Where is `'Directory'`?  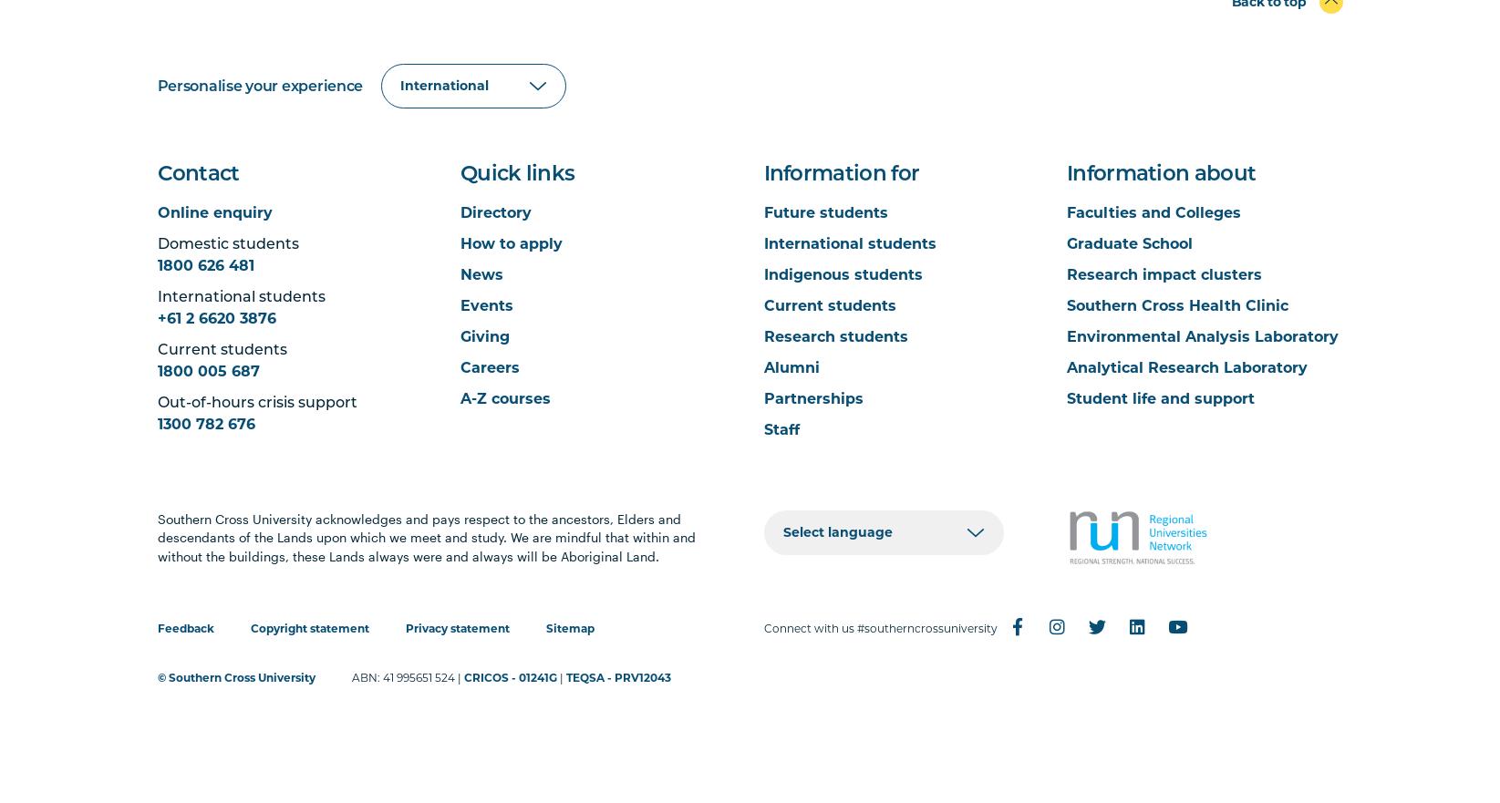
'Directory' is located at coordinates (460, 211).